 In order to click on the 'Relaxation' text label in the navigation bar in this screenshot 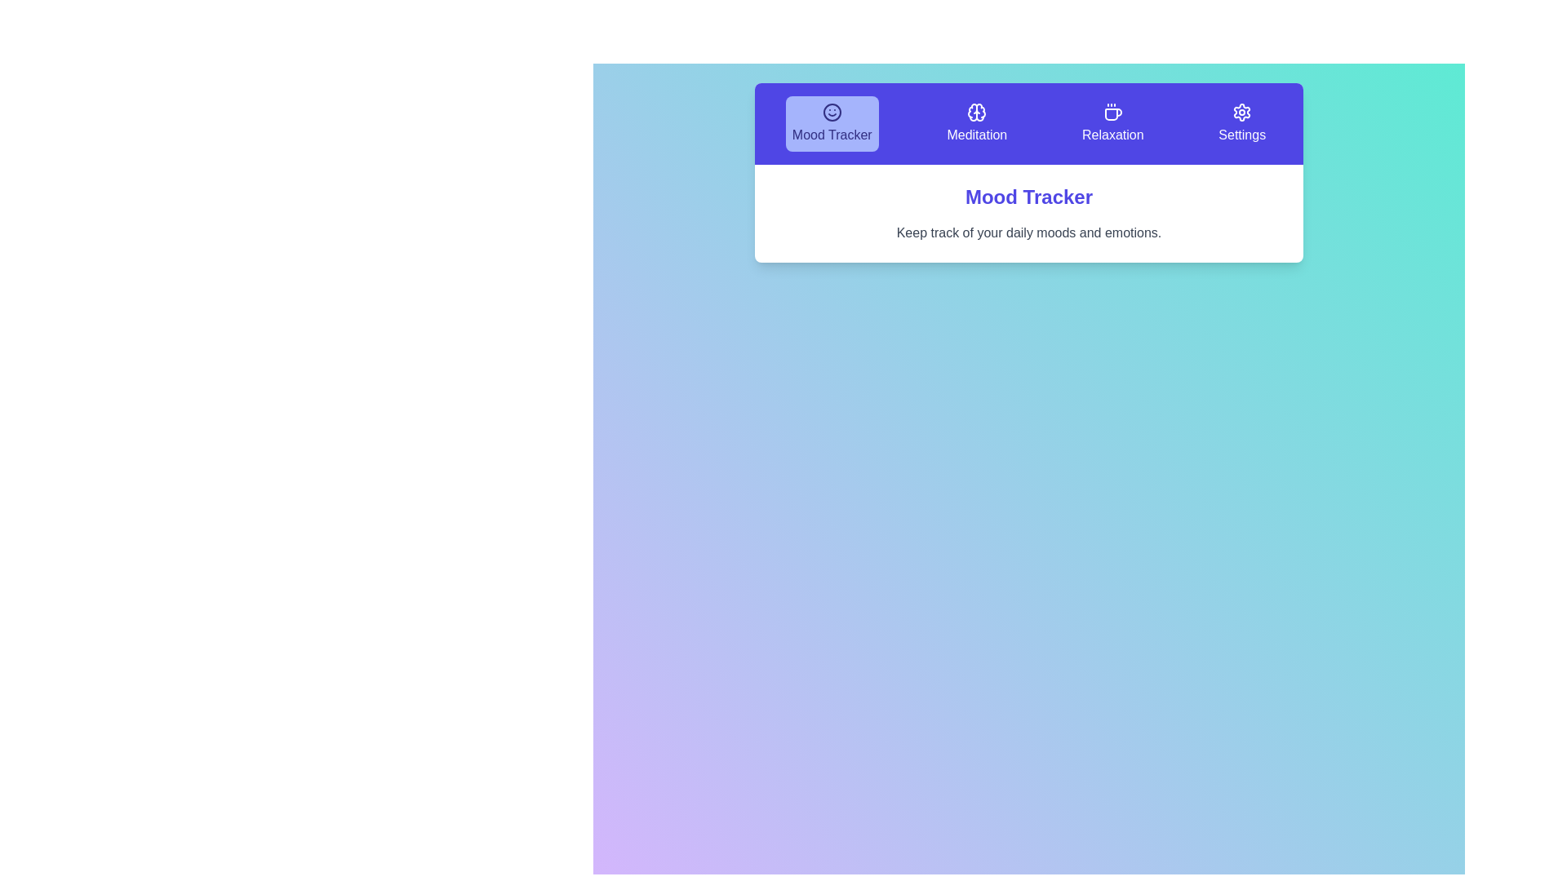, I will do `click(1112, 134)`.